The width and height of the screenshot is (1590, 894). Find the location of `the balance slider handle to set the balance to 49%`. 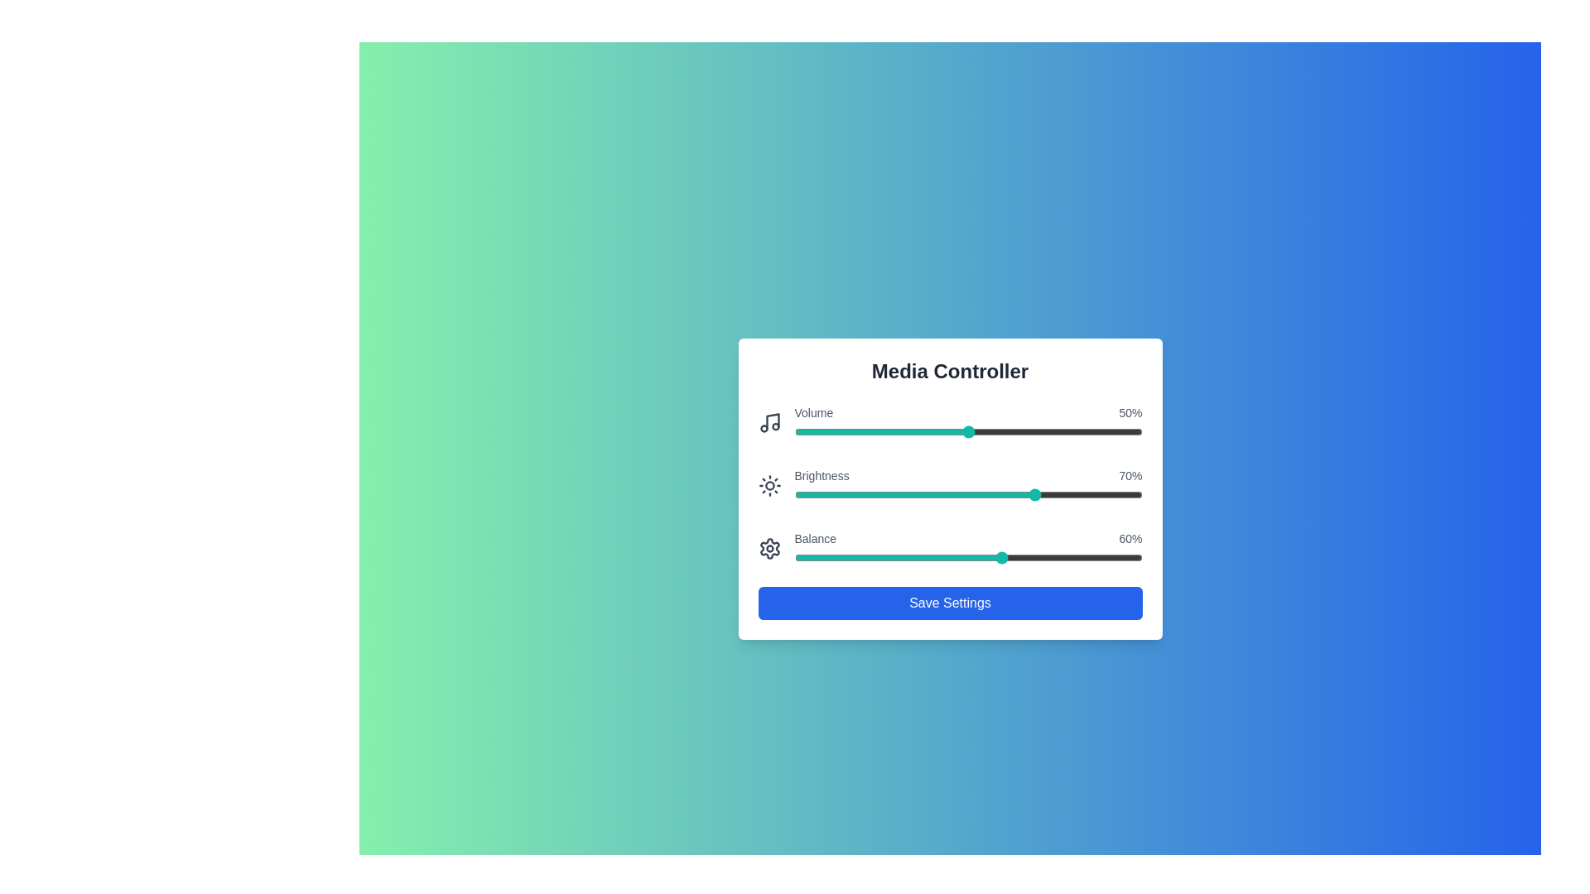

the balance slider handle to set the balance to 49% is located at coordinates (965, 558).